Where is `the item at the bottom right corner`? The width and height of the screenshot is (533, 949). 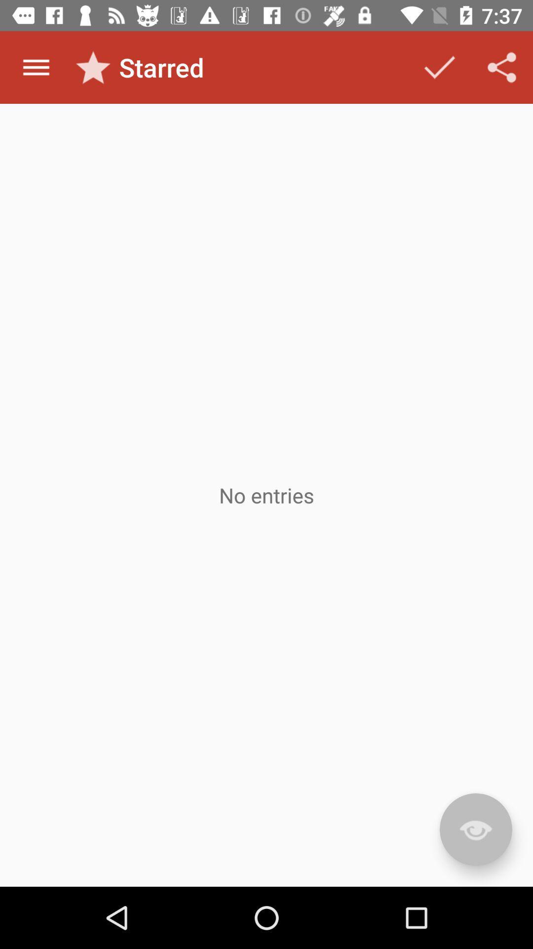
the item at the bottom right corner is located at coordinates (475, 829).